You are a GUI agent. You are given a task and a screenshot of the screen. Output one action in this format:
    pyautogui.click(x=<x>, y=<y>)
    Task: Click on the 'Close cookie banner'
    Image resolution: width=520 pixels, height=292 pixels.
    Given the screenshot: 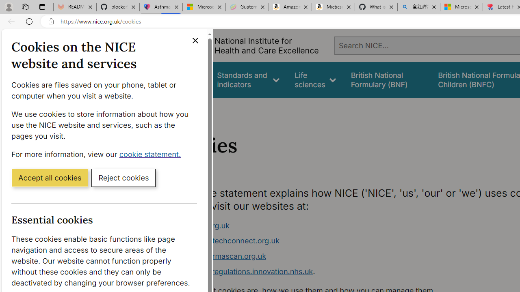 What is the action you would take?
    pyautogui.click(x=195, y=41)
    